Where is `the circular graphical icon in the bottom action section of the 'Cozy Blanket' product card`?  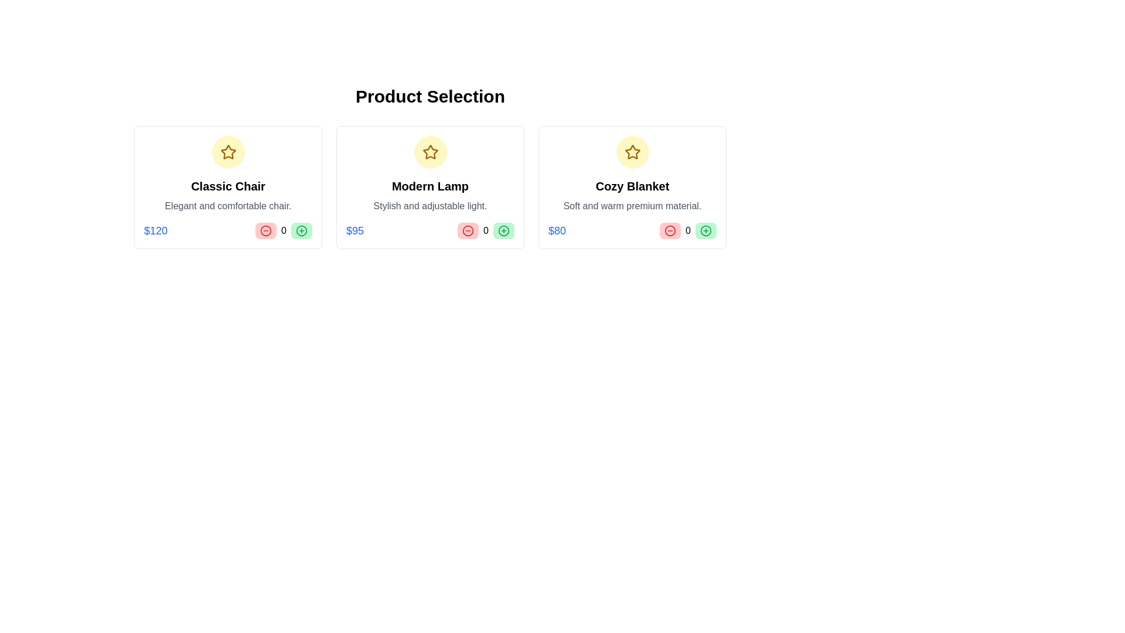
the circular graphical icon in the bottom action section of the 'Cozy Blanket' product card is located at coordinates (670, 230).